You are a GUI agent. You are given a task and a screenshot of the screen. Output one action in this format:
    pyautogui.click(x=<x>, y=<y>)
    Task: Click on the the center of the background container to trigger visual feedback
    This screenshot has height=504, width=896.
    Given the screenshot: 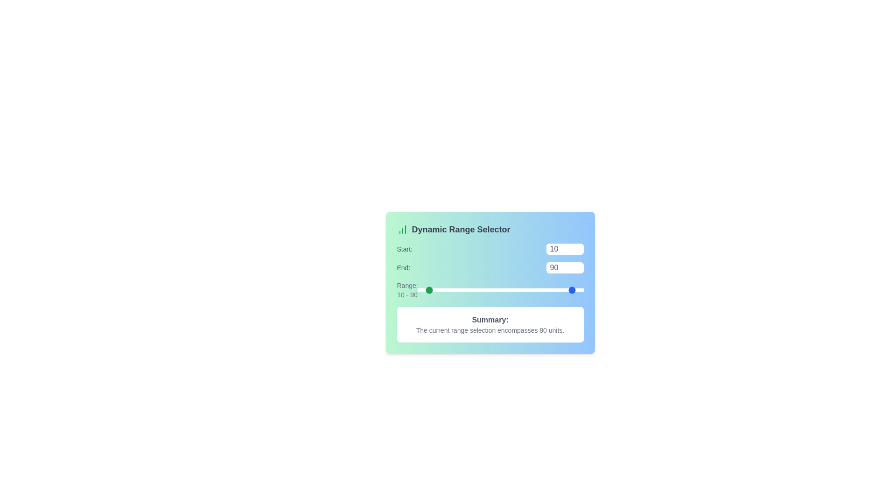 What is the action you would take?
    pyautogui.click(x=490, y=290)
    